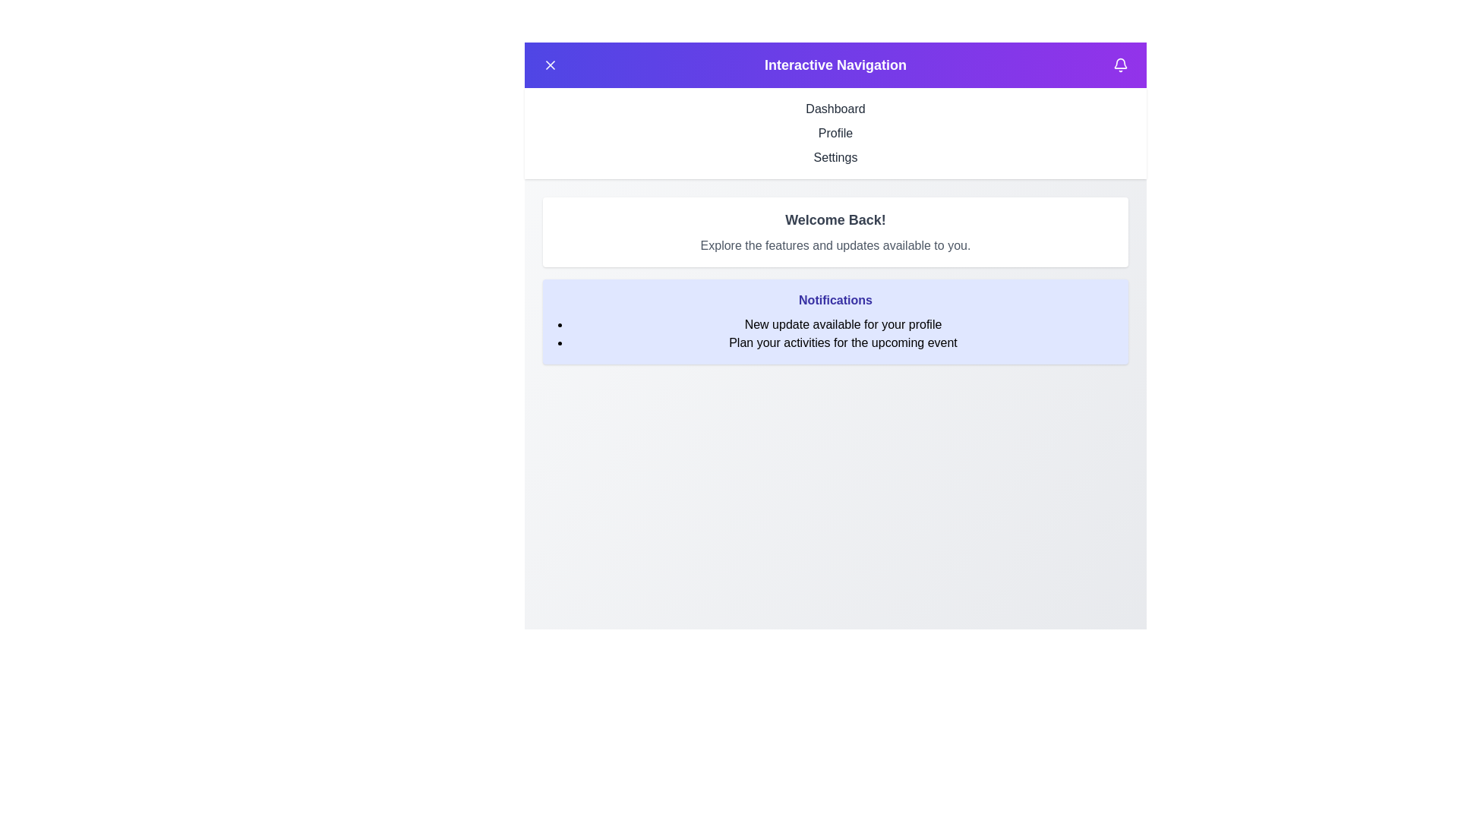 This screenshot has width=1458, height=820. I want to click on the navigation menu item Dashboard, so click(835, 108).